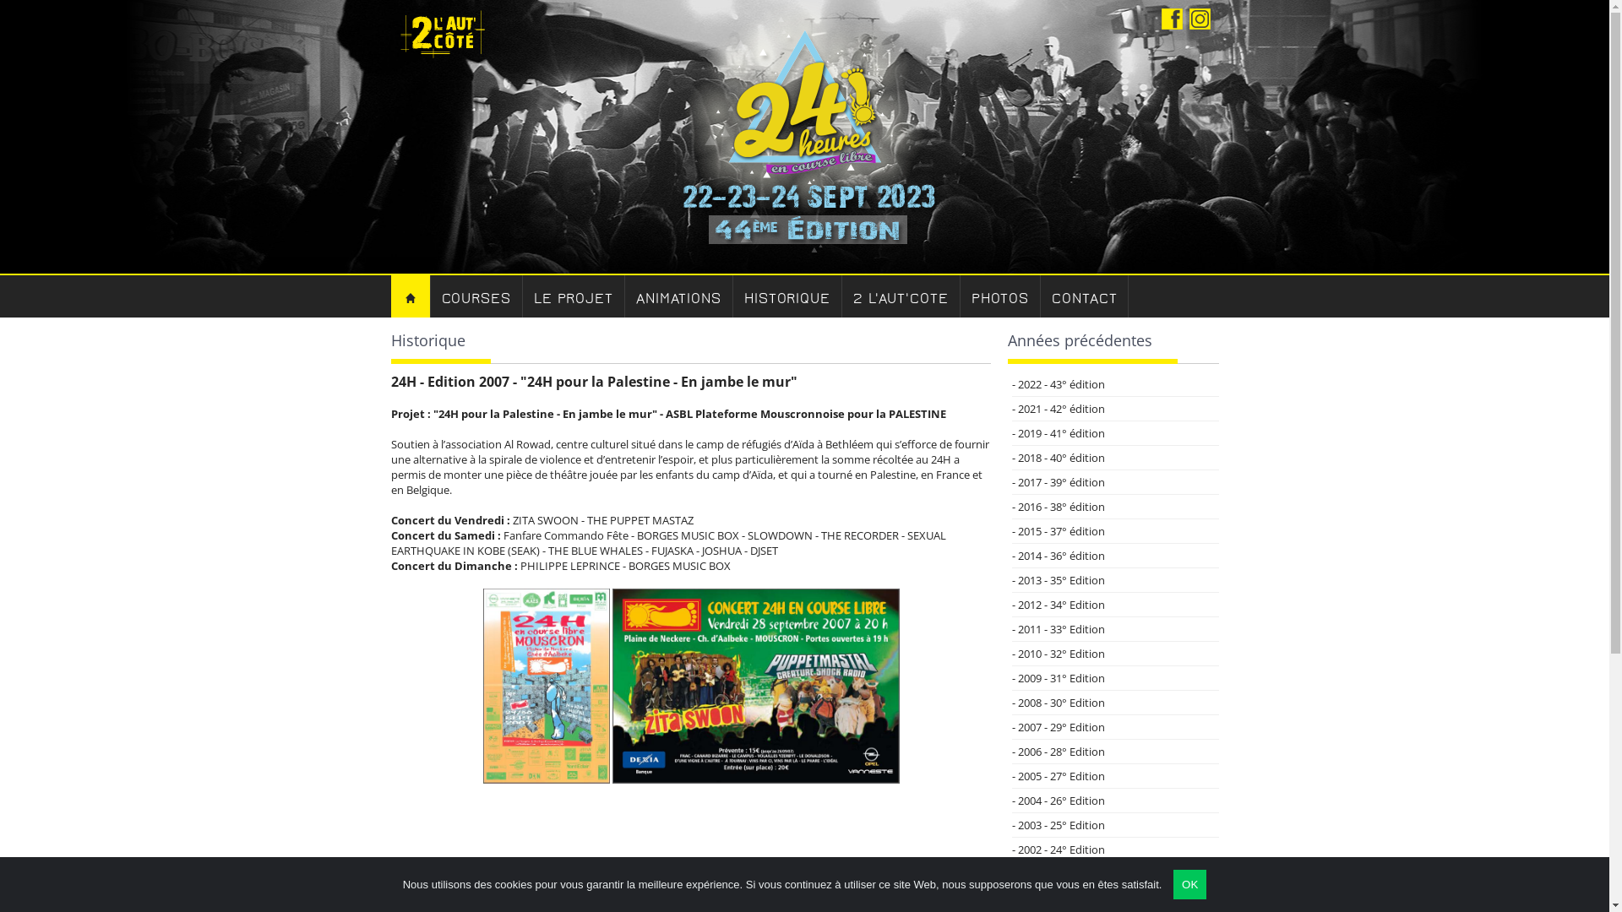 The height and width of the screenshot is (912, 1622). Describe the element at coordinates (1084, 296) in the screenshot. I see `'CONTACT'` at that location.